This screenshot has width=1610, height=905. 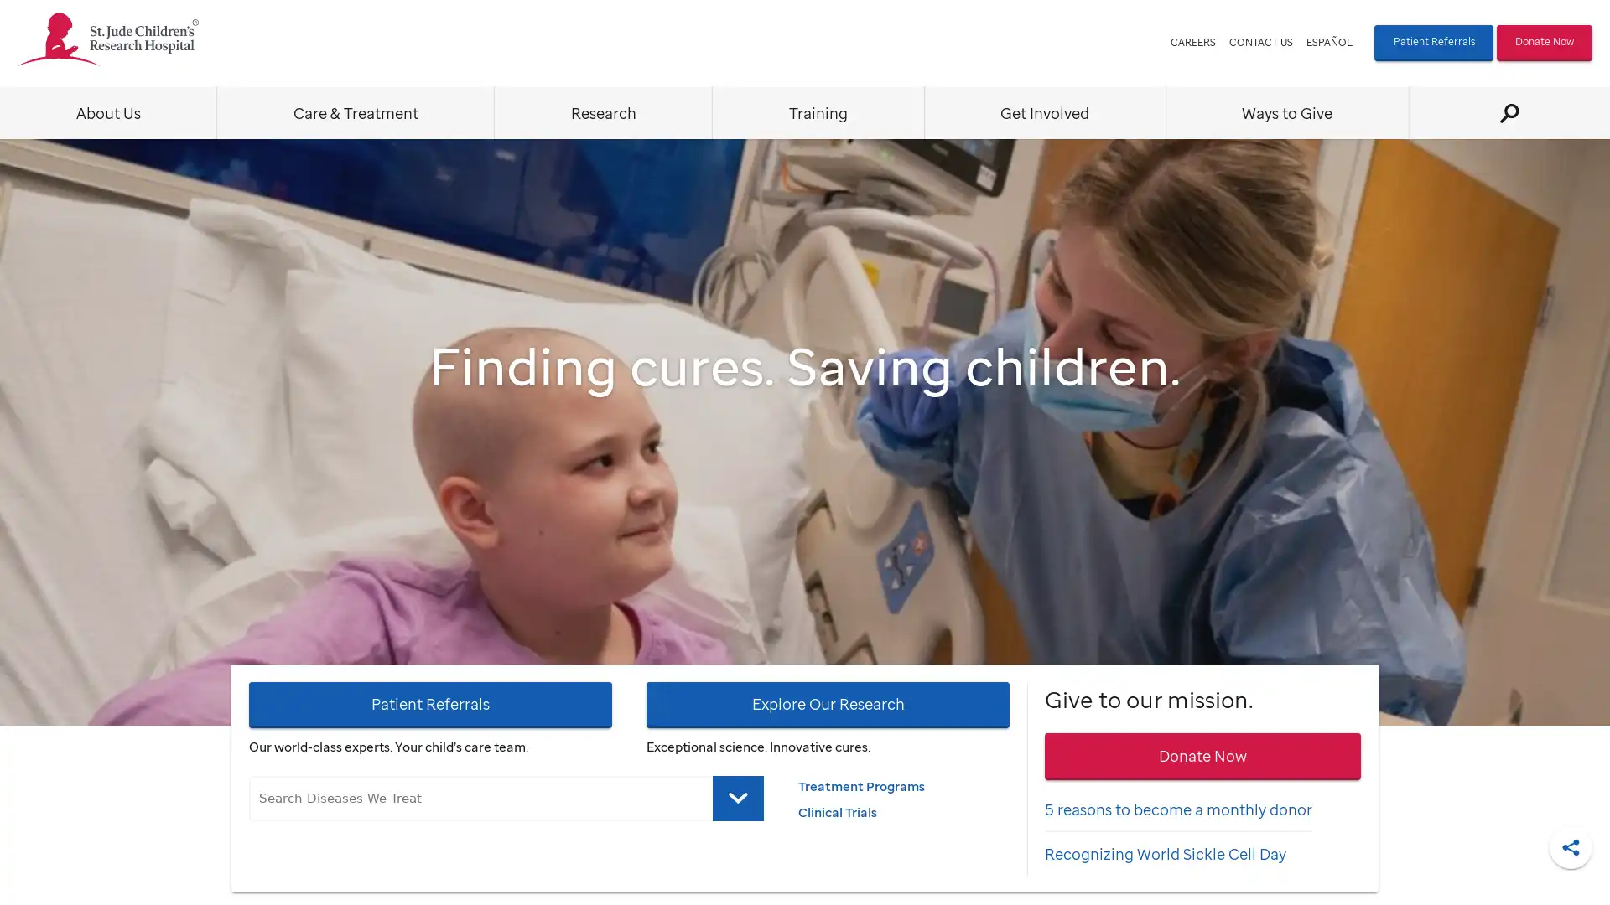 I want to click on Share, so click(x=1570, y=846).